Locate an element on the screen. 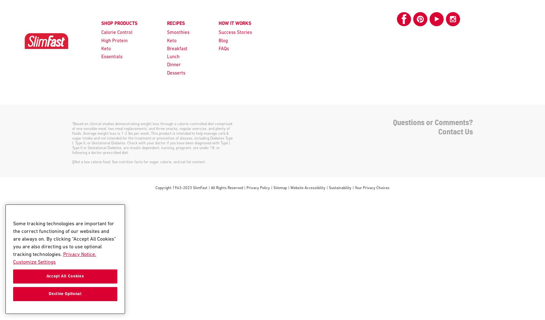 The image size is (545, 320). 'All Rights Reserved' is located at coordinates (227, 188).